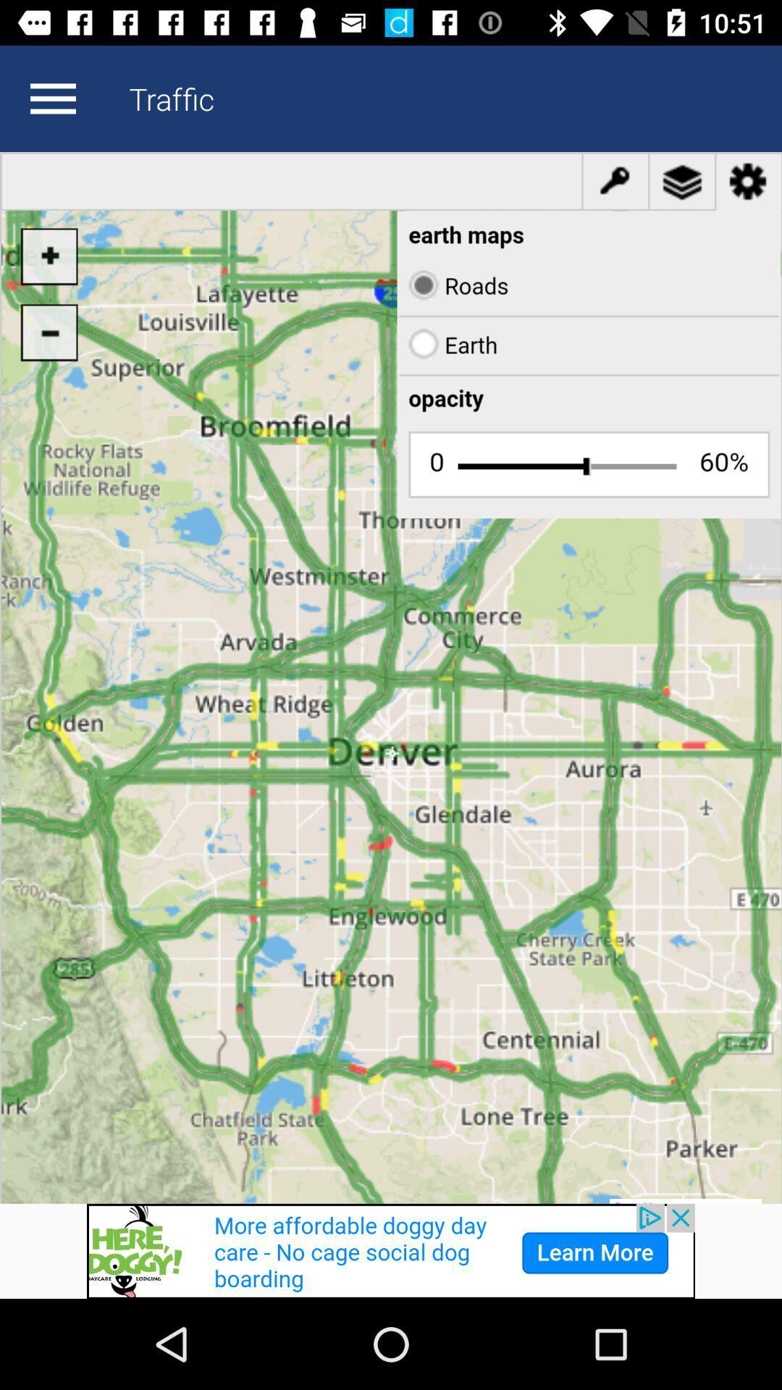 The image size is (782, 1390). I want to click on the menu icon, so click(52, 98).